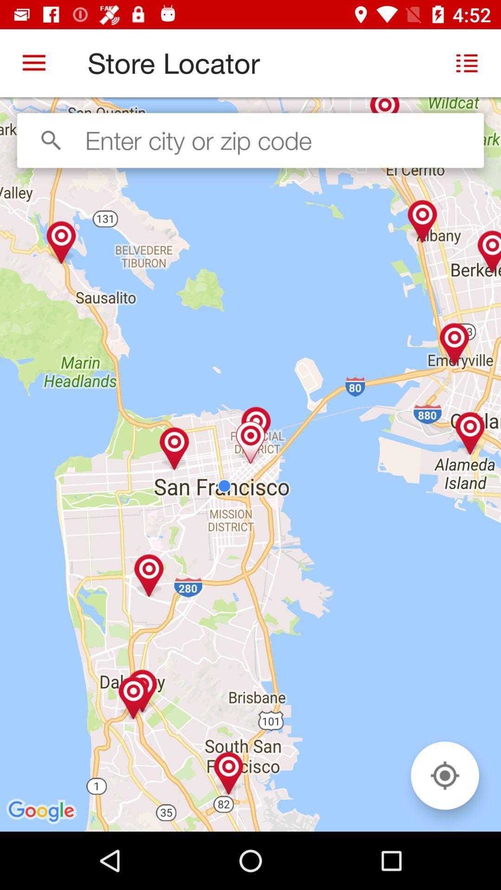  What do you see at coordinates (444, 776) in the screenshot?
I see `icon at the bottom right corner` at bounding box center [444, 776].